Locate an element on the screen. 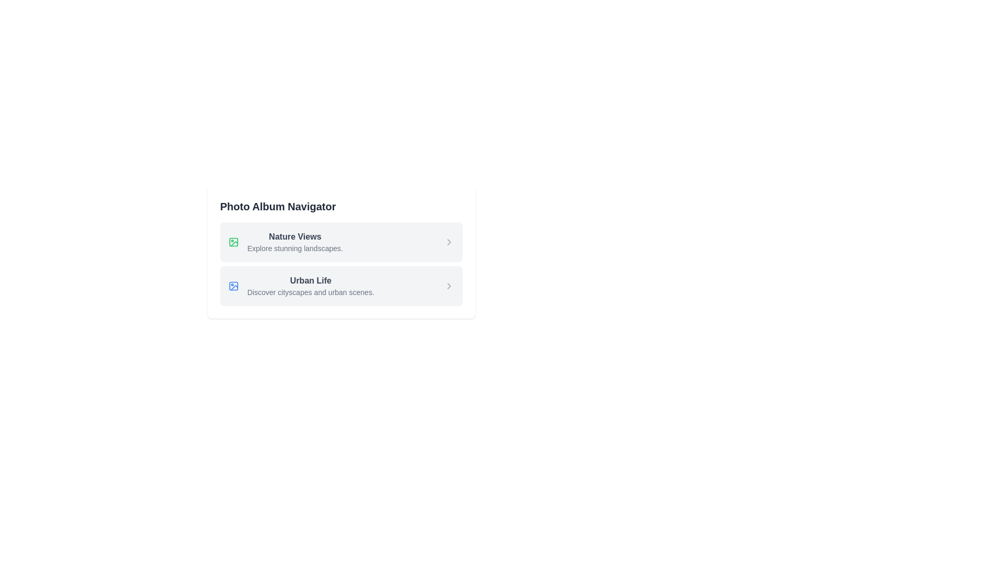 The width and height of the screenshot is (1004, 565). the icon representing urban photography located to the left of the 'Urban Life' title and description is located at coordinates (233, 286).